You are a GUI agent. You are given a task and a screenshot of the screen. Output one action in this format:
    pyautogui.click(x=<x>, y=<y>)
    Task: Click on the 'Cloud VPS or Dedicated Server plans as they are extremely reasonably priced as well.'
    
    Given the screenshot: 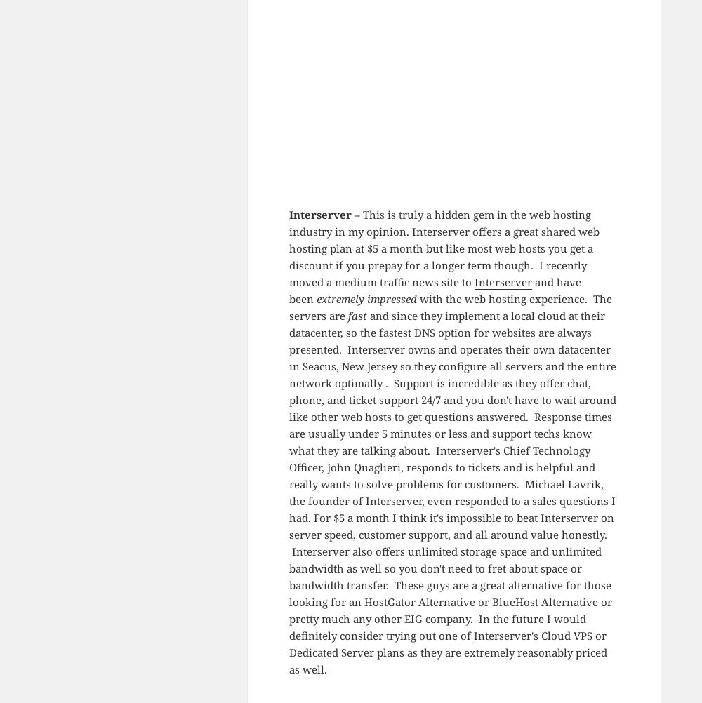 What is the action you would take?
    pyautogui.click(x=447, y=650)
    